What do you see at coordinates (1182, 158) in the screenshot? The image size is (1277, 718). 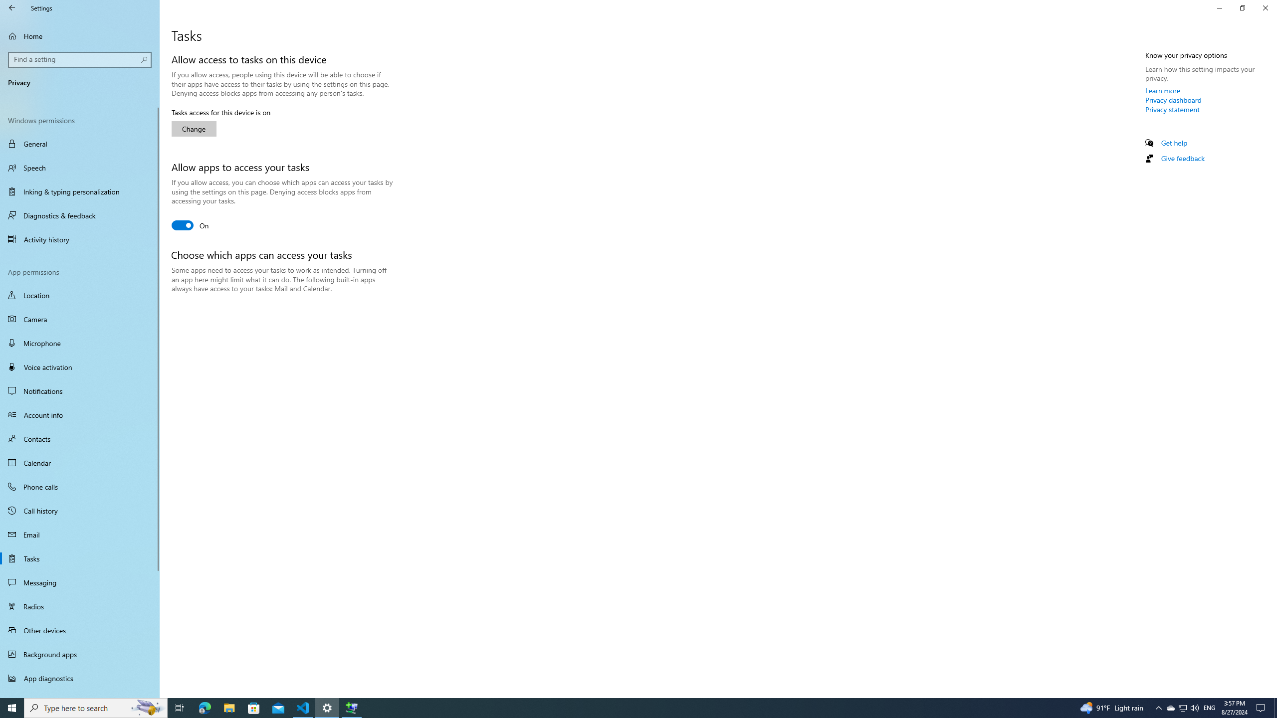 I see `'Give feedback'` at bounding box center [1182, 158].